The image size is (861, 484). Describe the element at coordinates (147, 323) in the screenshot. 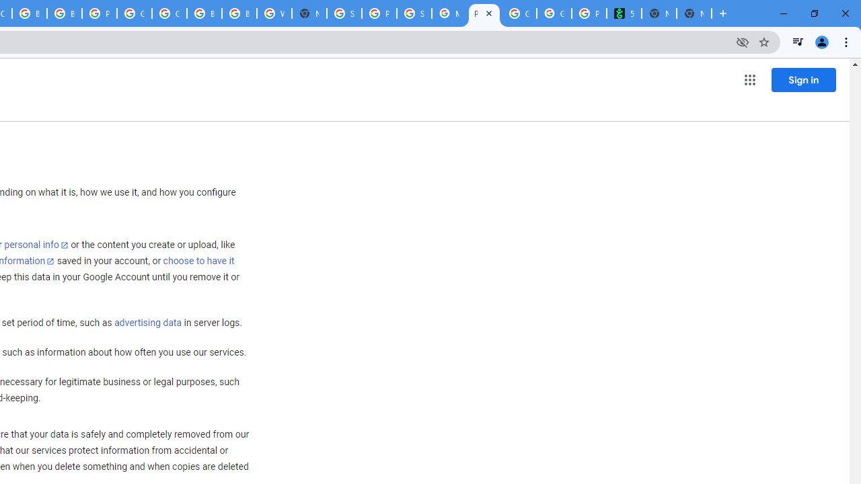

I see `'advertising data'` at that location.